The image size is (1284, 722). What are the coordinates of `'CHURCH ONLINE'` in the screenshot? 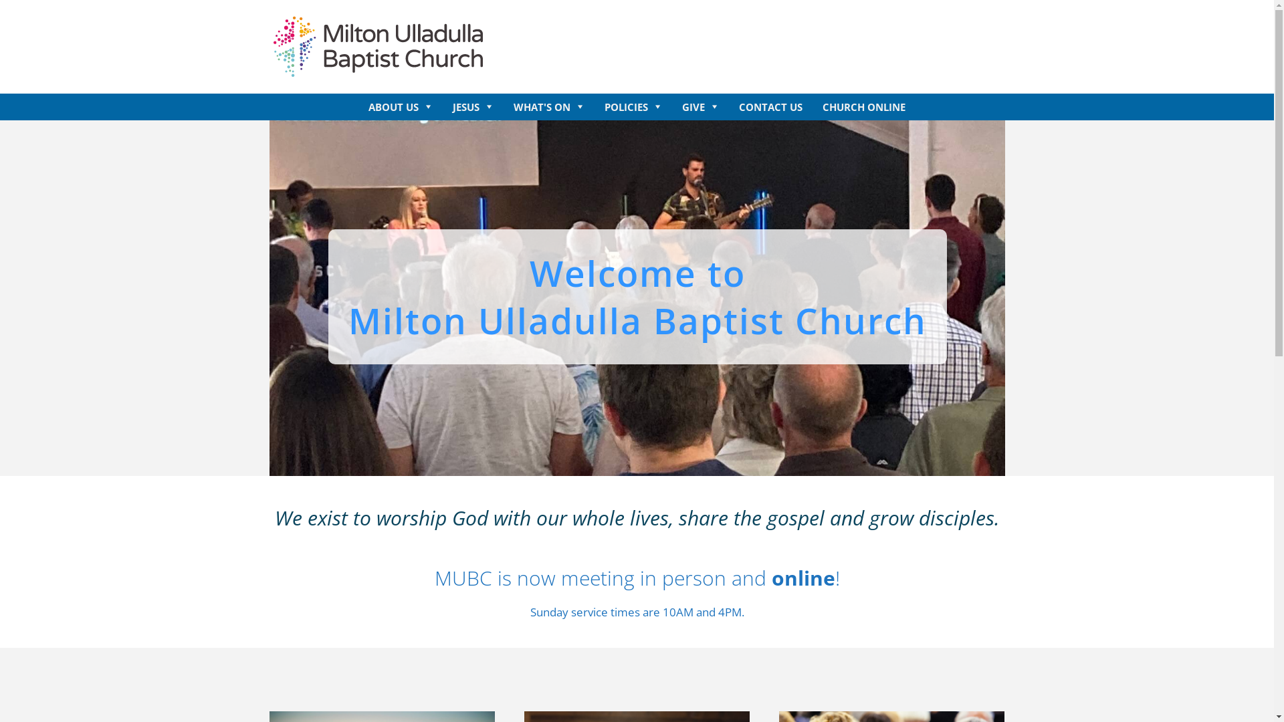 It's located at (863, 106).